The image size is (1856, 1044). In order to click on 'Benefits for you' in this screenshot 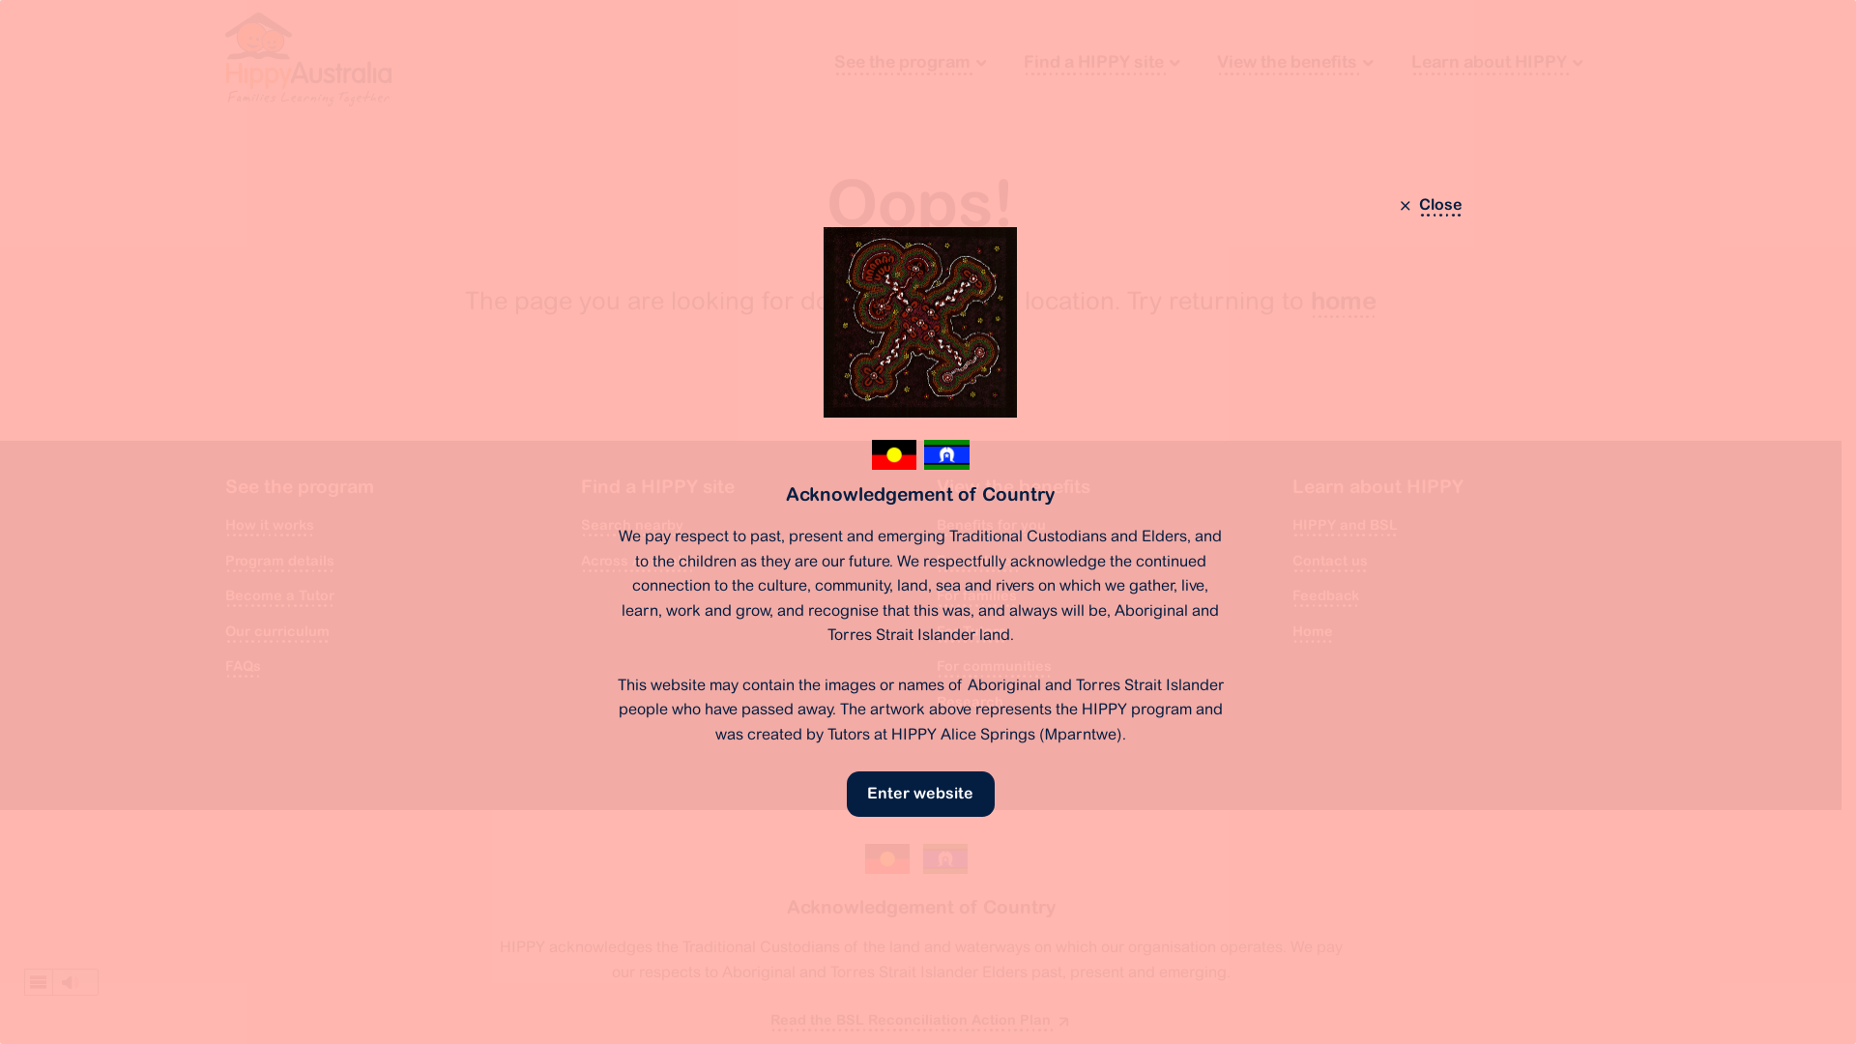, I will do `click(990, 525)`.